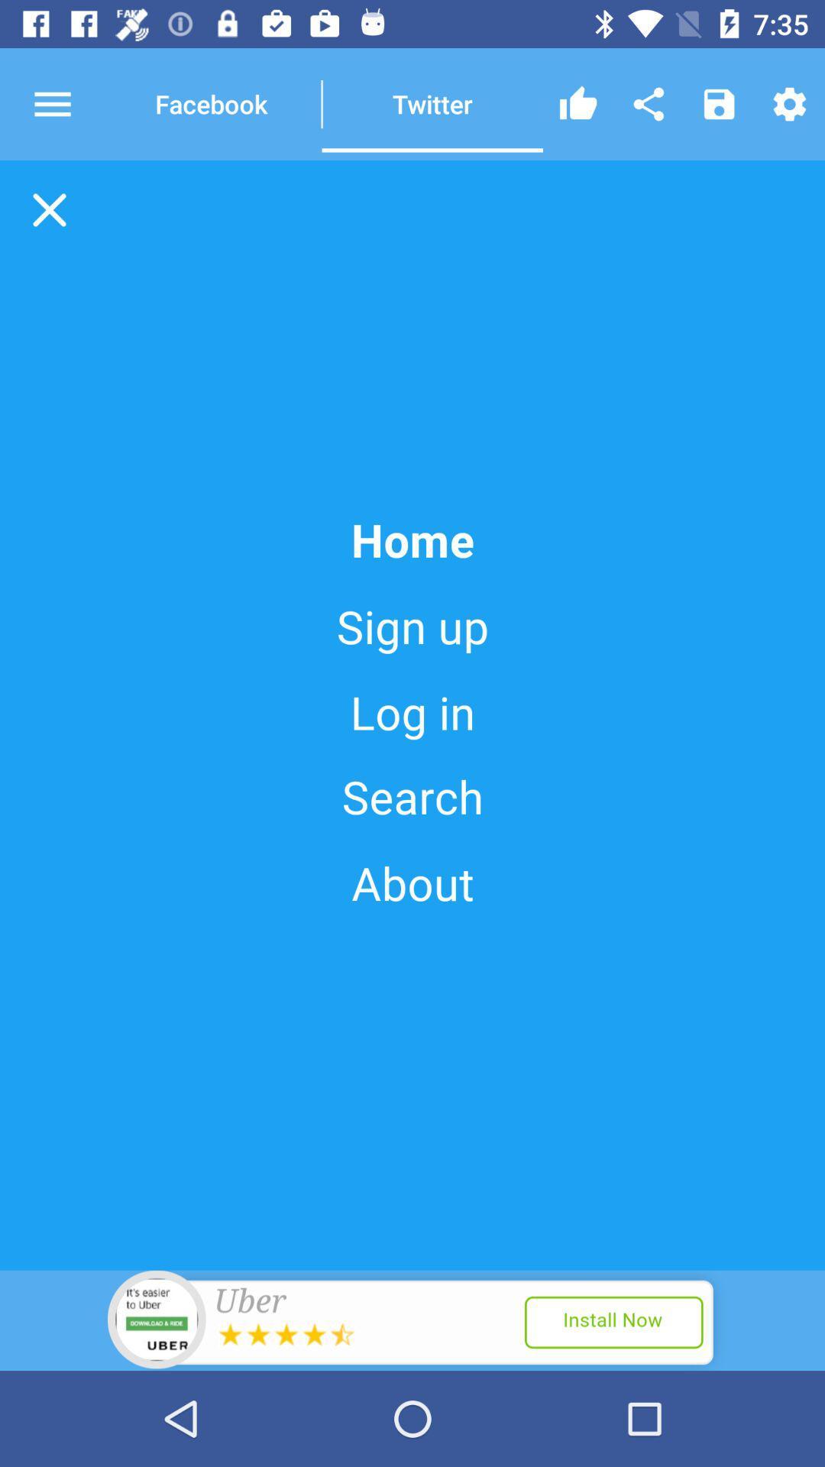 The image size is (825, 1467). What do you see at coordinates (66, 103) in the screenshot?
I see `click more option` at bounding box center [66, 103].